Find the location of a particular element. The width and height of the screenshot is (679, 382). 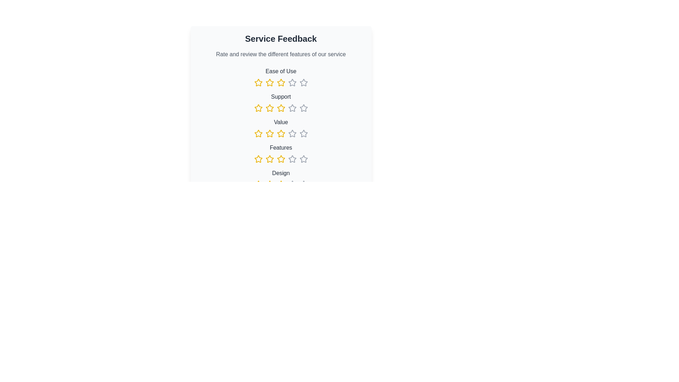

the Rating element for 'Value' located is located at coordinates (280, 128).